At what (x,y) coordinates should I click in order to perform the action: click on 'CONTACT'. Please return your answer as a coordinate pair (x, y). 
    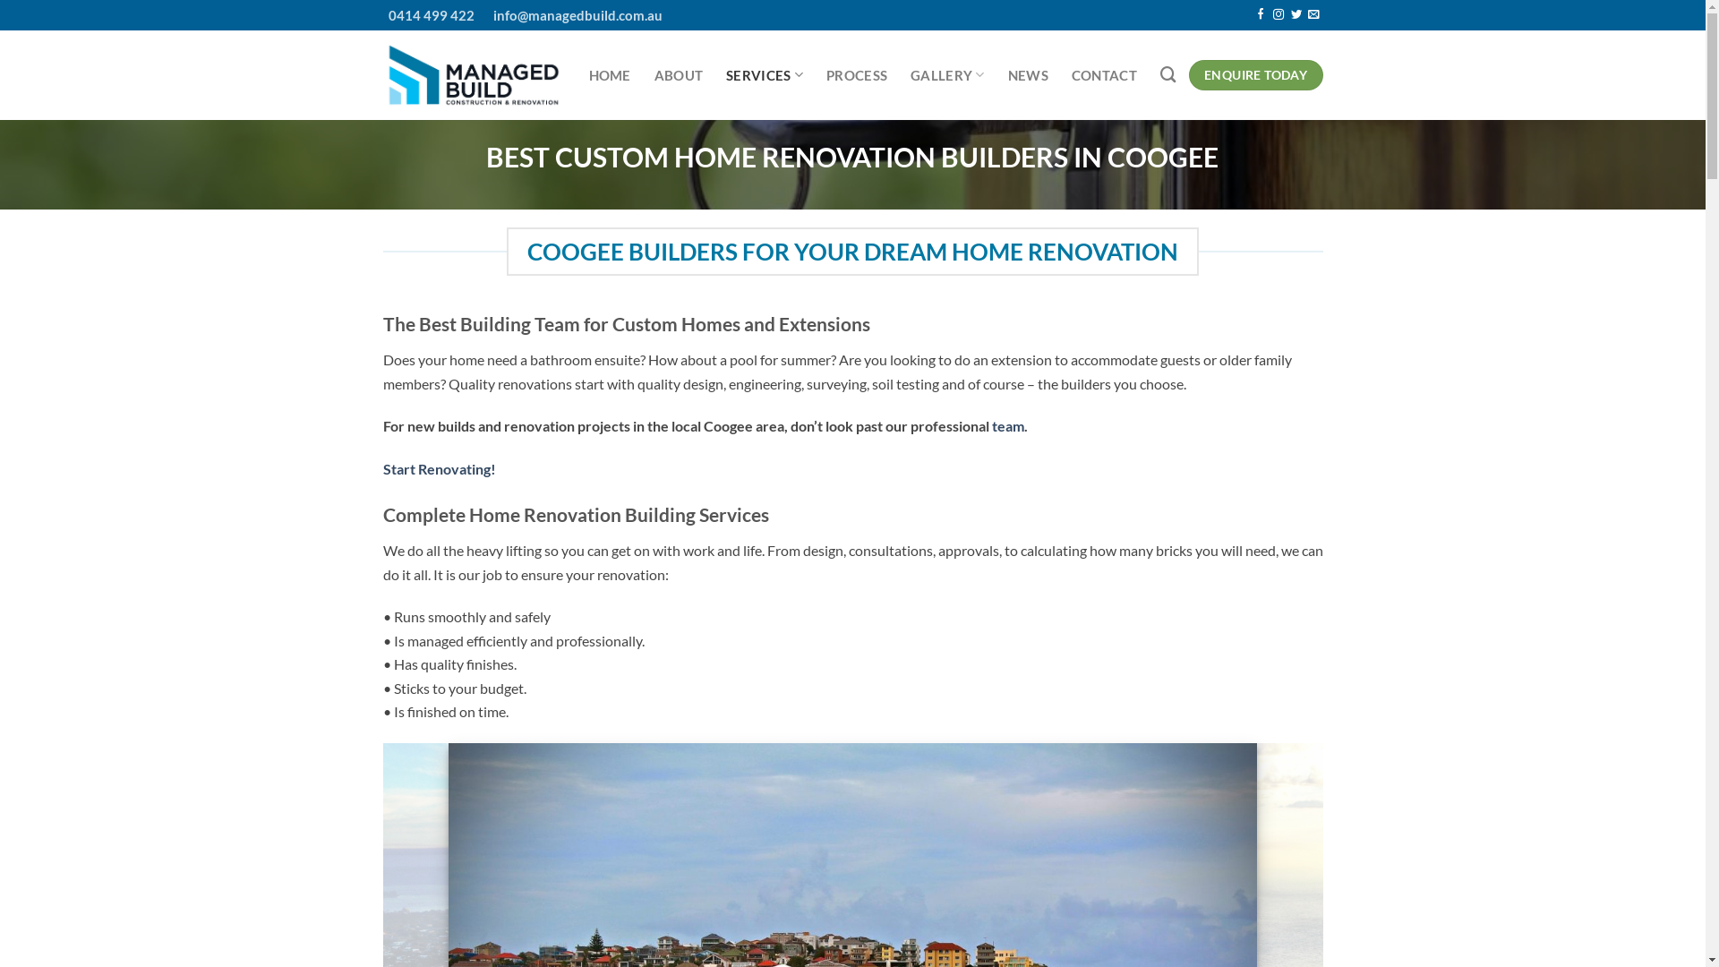
    Looking at the image, I should click on (1103, 74).